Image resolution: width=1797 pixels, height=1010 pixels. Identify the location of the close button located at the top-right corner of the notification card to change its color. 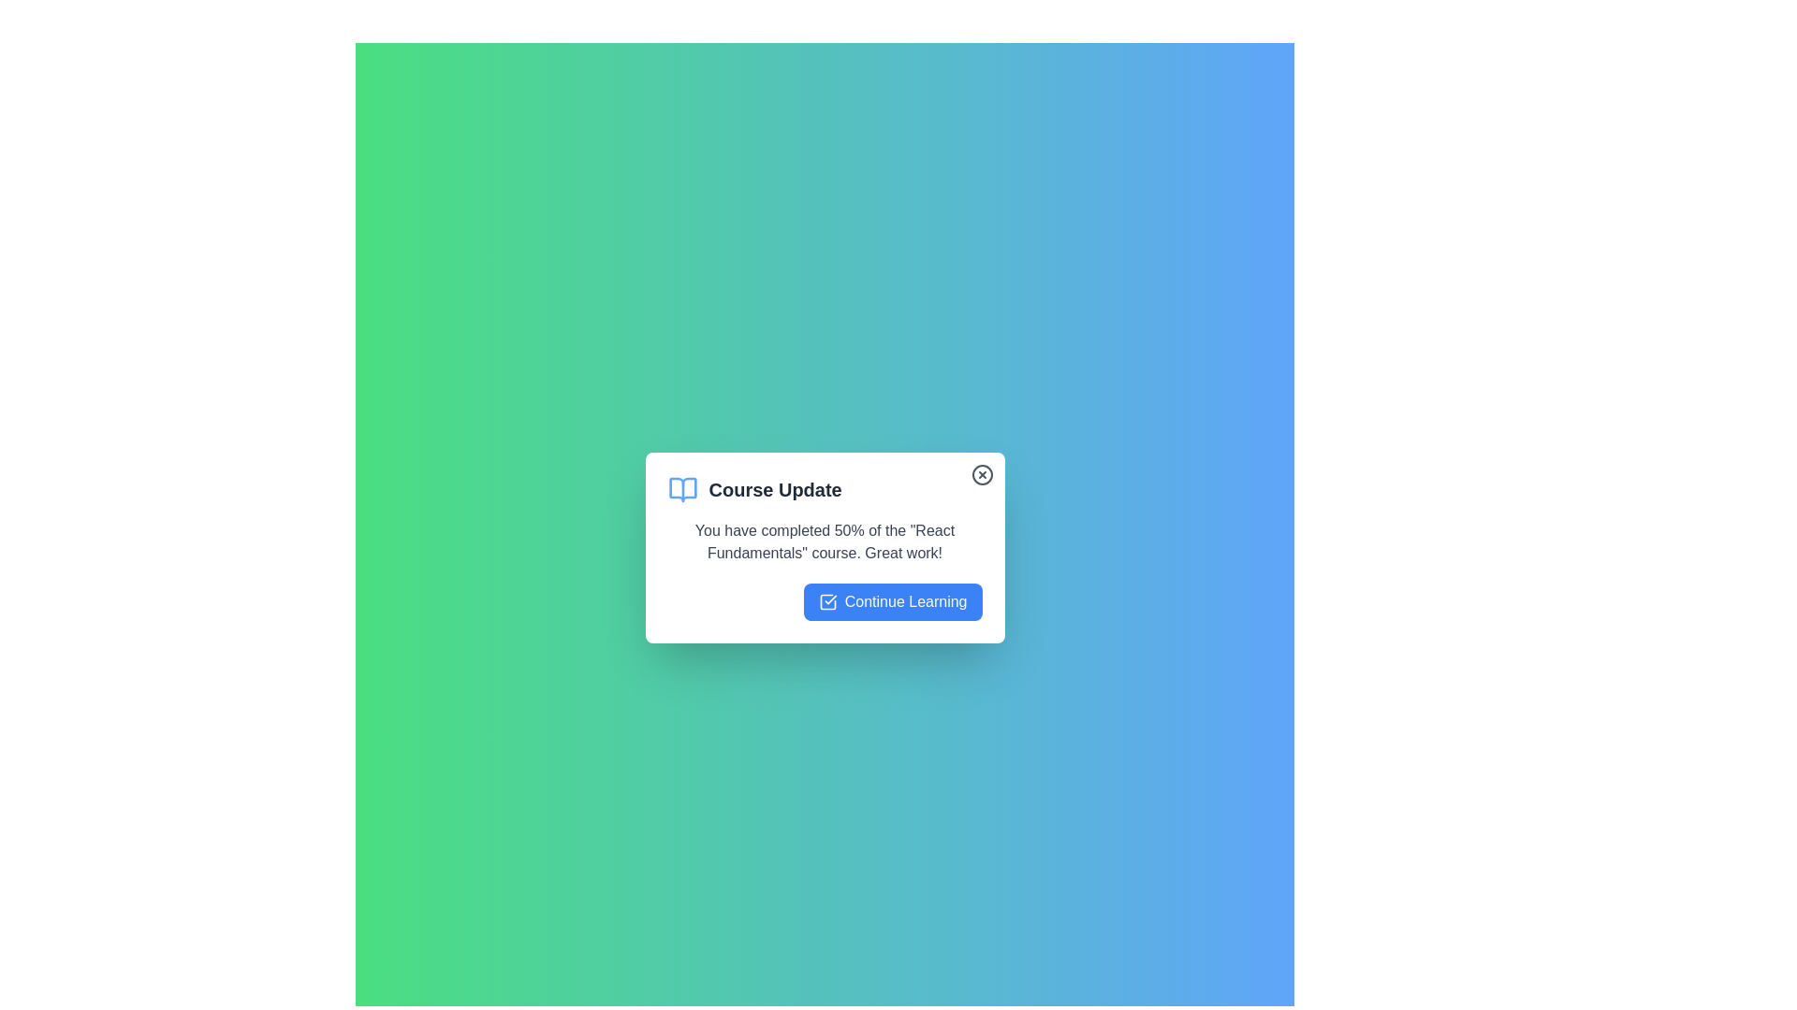
(981, 474).